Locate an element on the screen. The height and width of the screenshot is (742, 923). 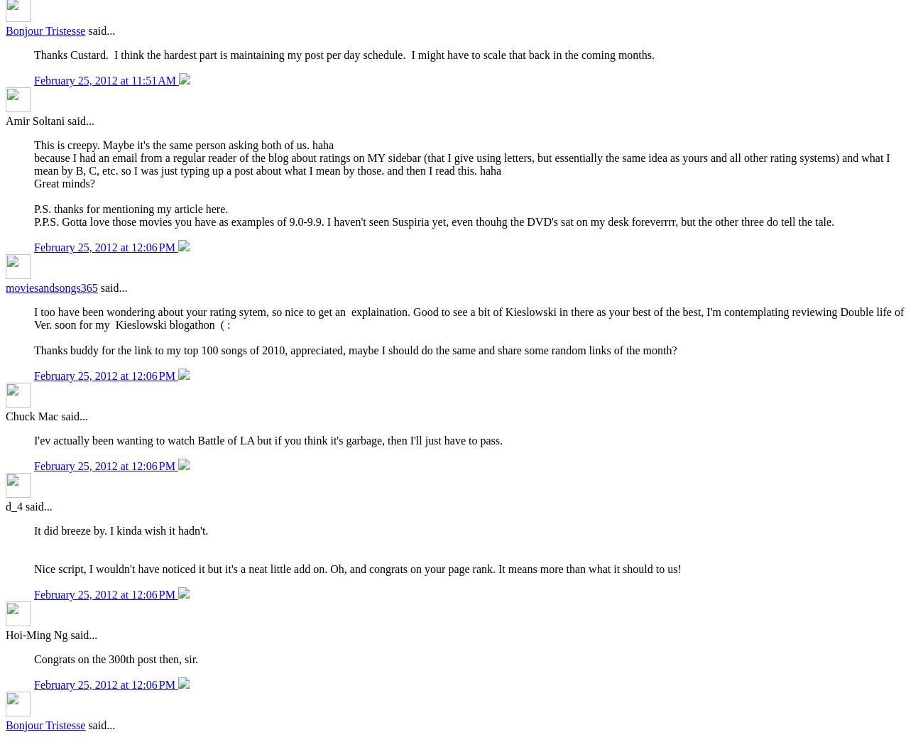
'Congrats on the 300th post then, sir.' is located at coordinates (115, 659).